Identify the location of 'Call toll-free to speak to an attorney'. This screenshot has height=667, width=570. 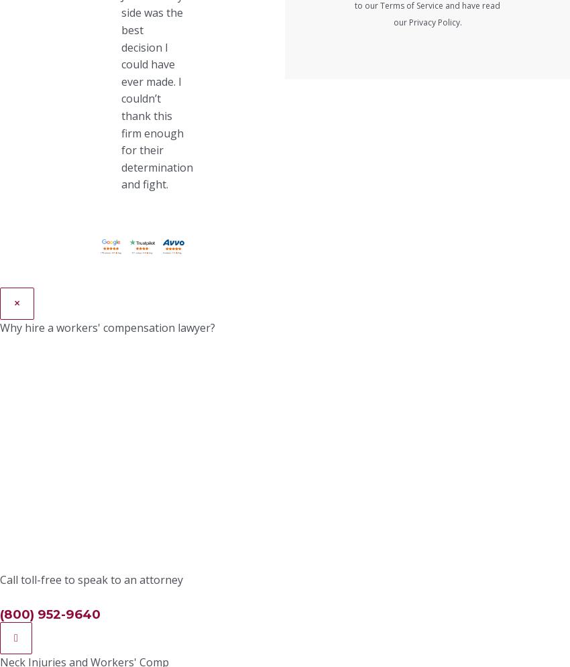
(91, 579).